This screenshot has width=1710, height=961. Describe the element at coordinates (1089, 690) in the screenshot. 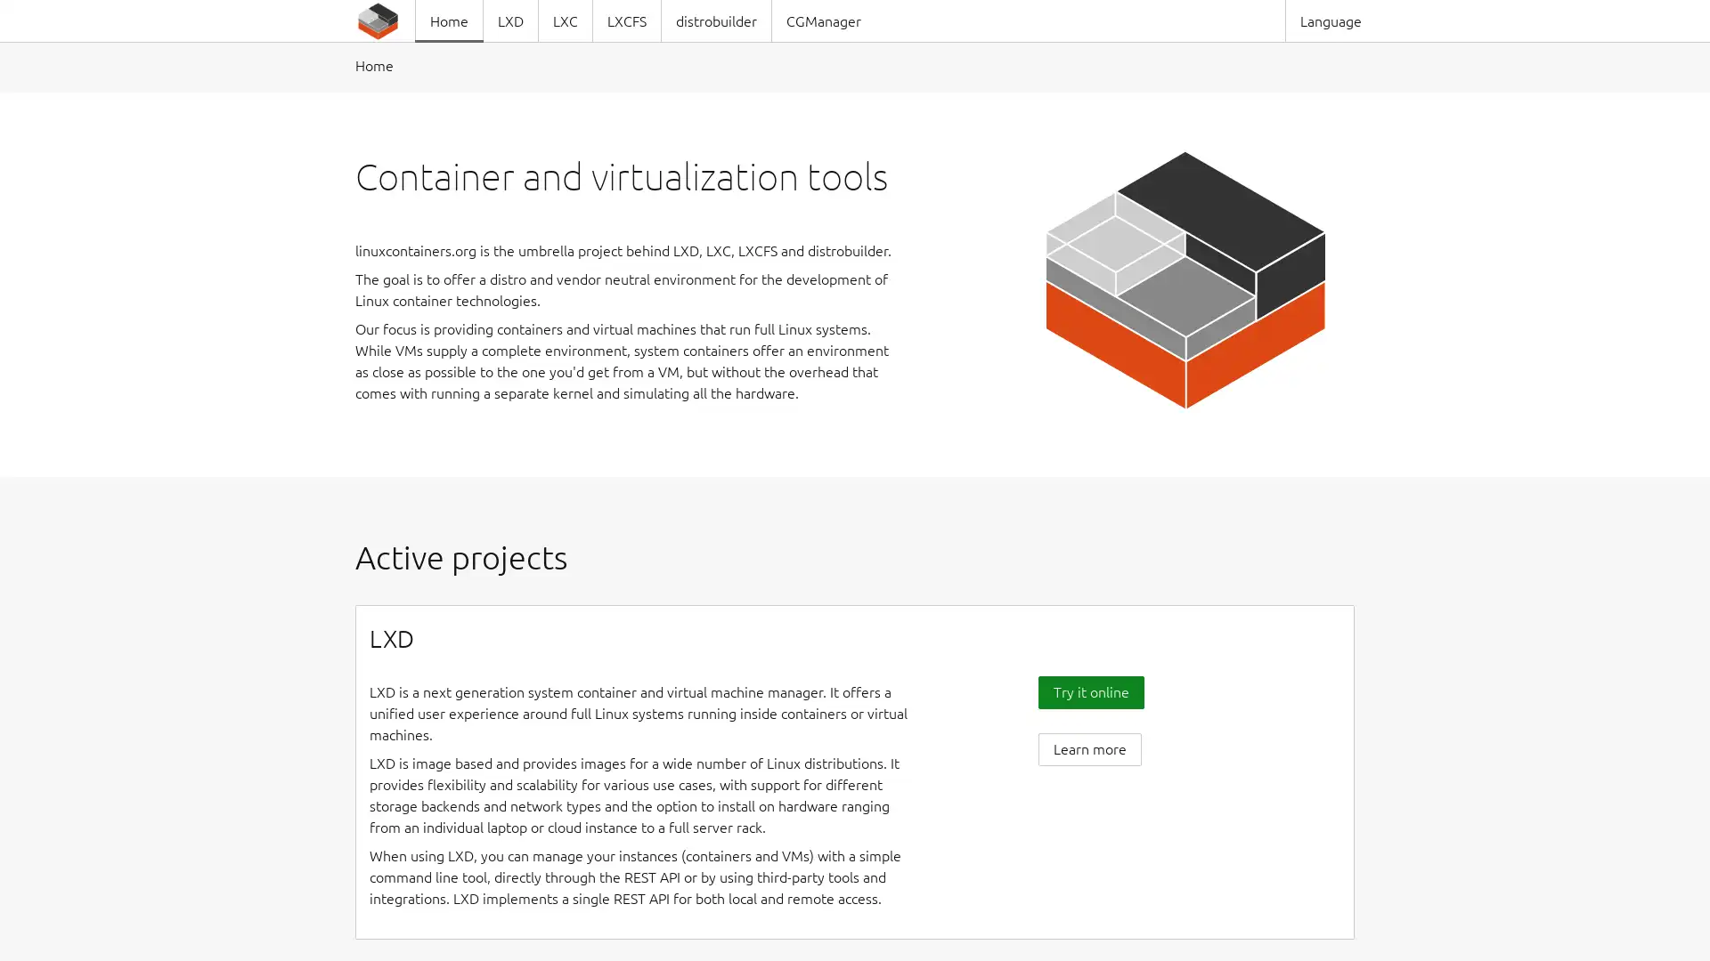

I see `Try it online` at that location.